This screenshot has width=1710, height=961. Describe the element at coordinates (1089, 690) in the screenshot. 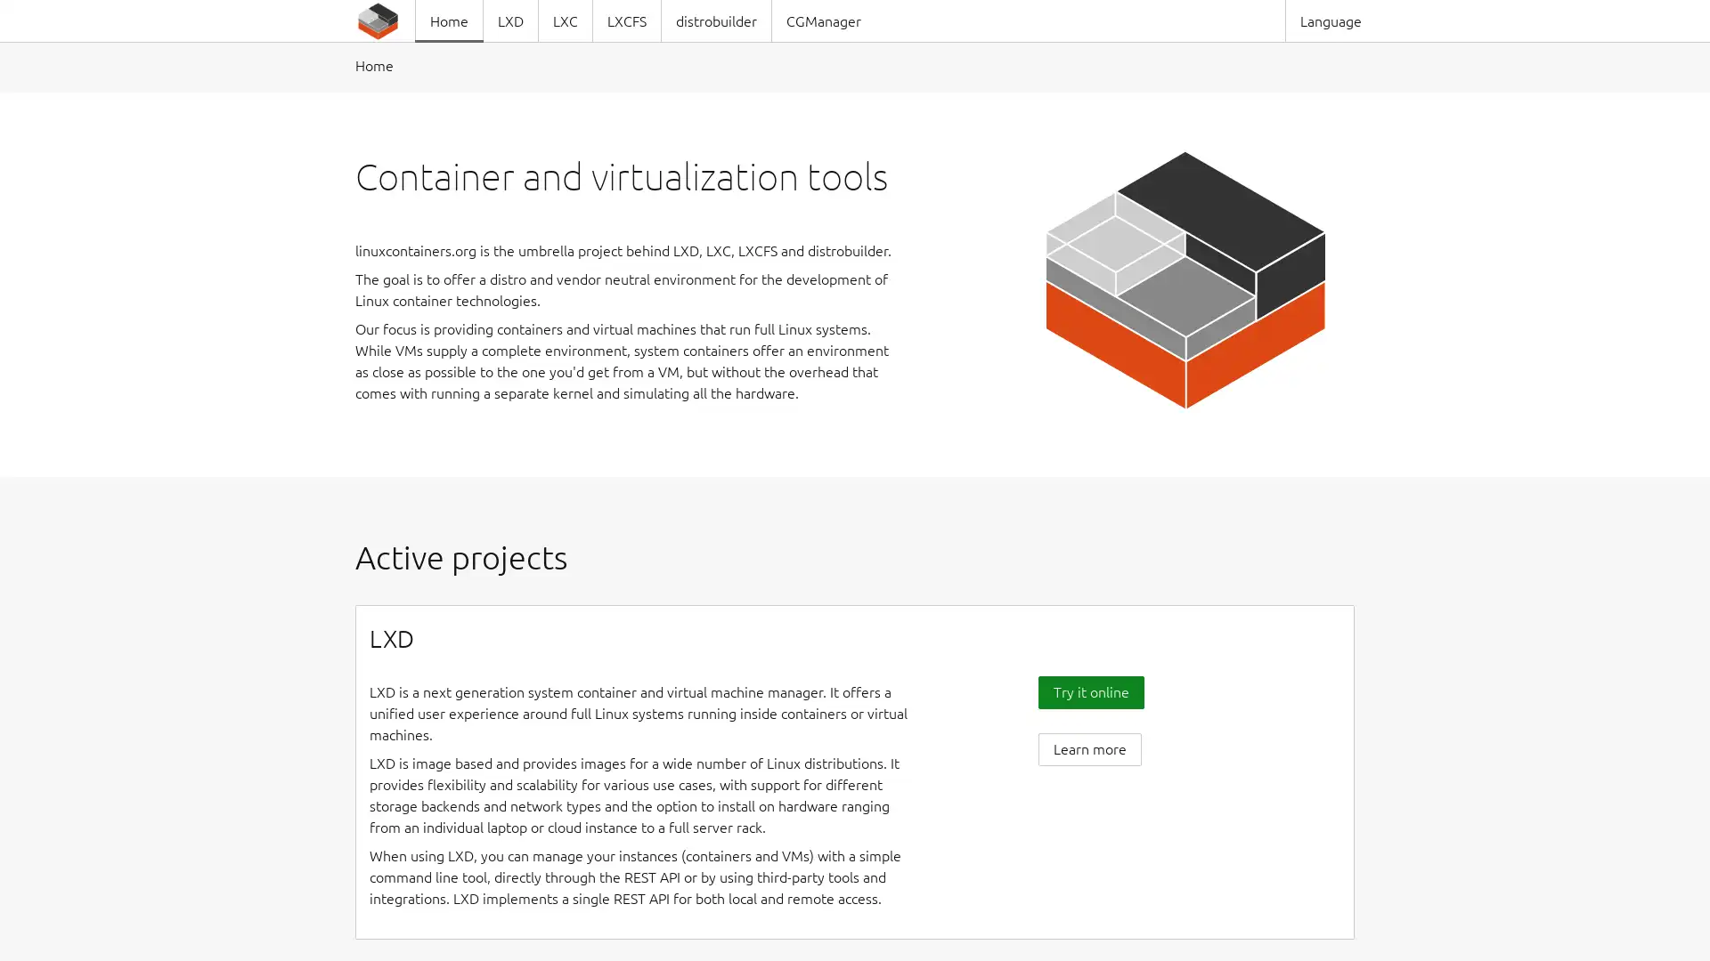

I see `Try it online` at that location.